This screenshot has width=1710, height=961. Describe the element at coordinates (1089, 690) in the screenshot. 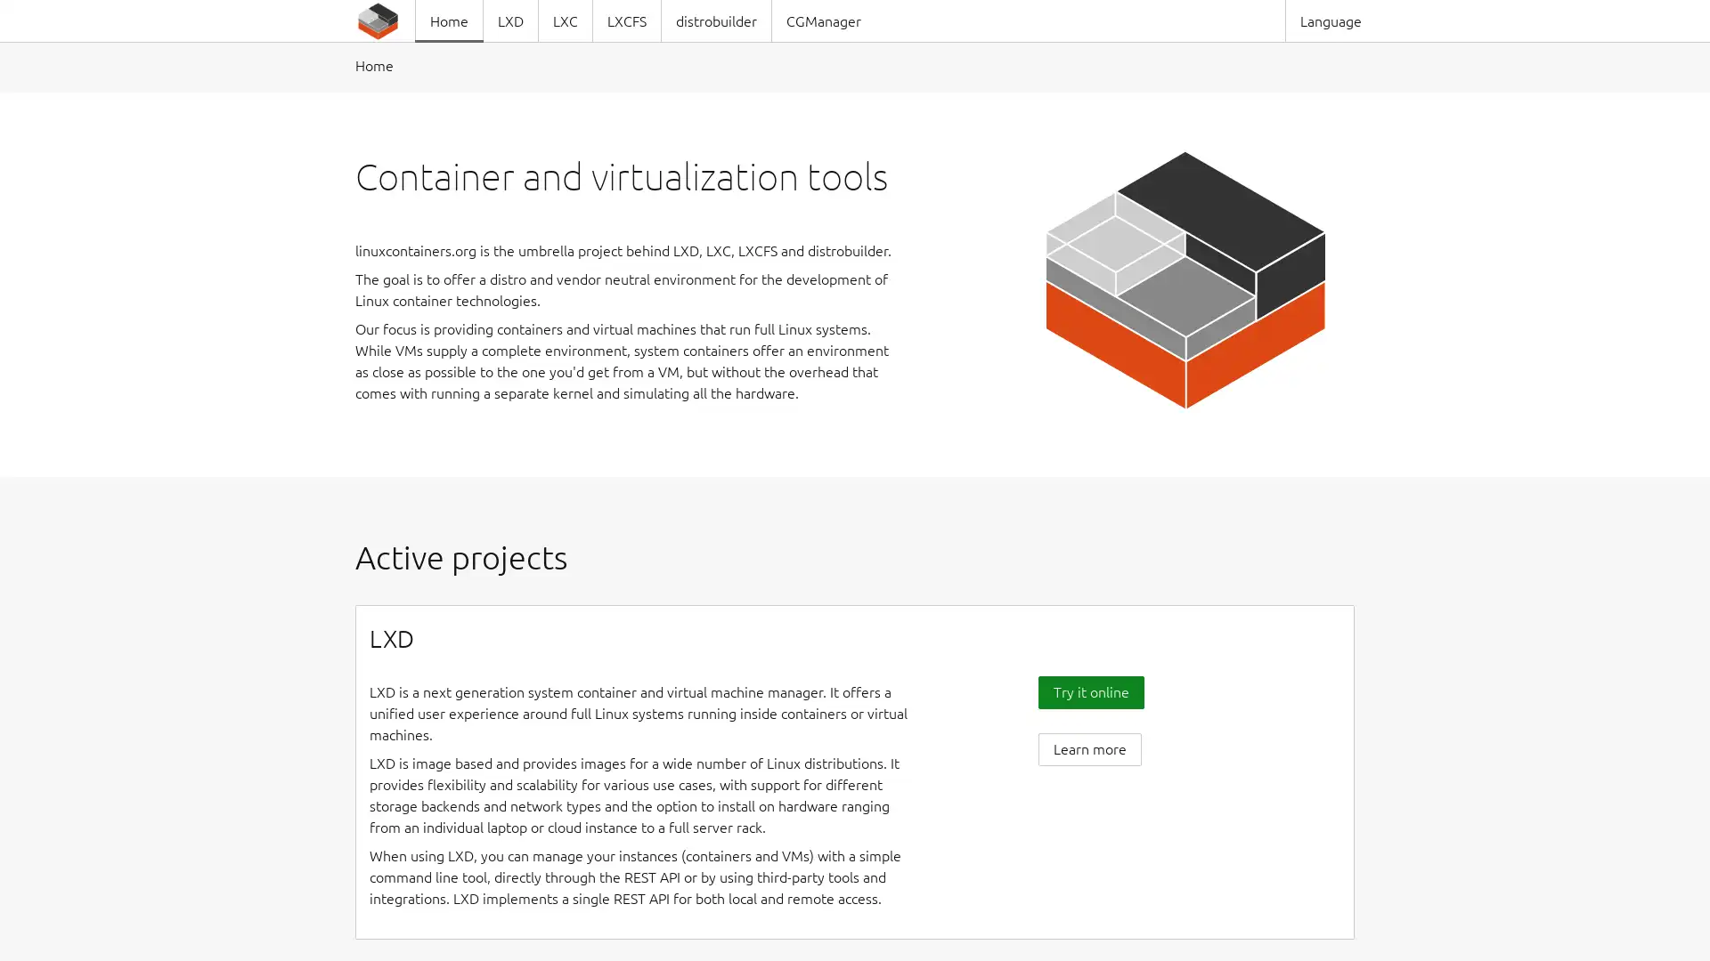

I see `Try it online` at that location.